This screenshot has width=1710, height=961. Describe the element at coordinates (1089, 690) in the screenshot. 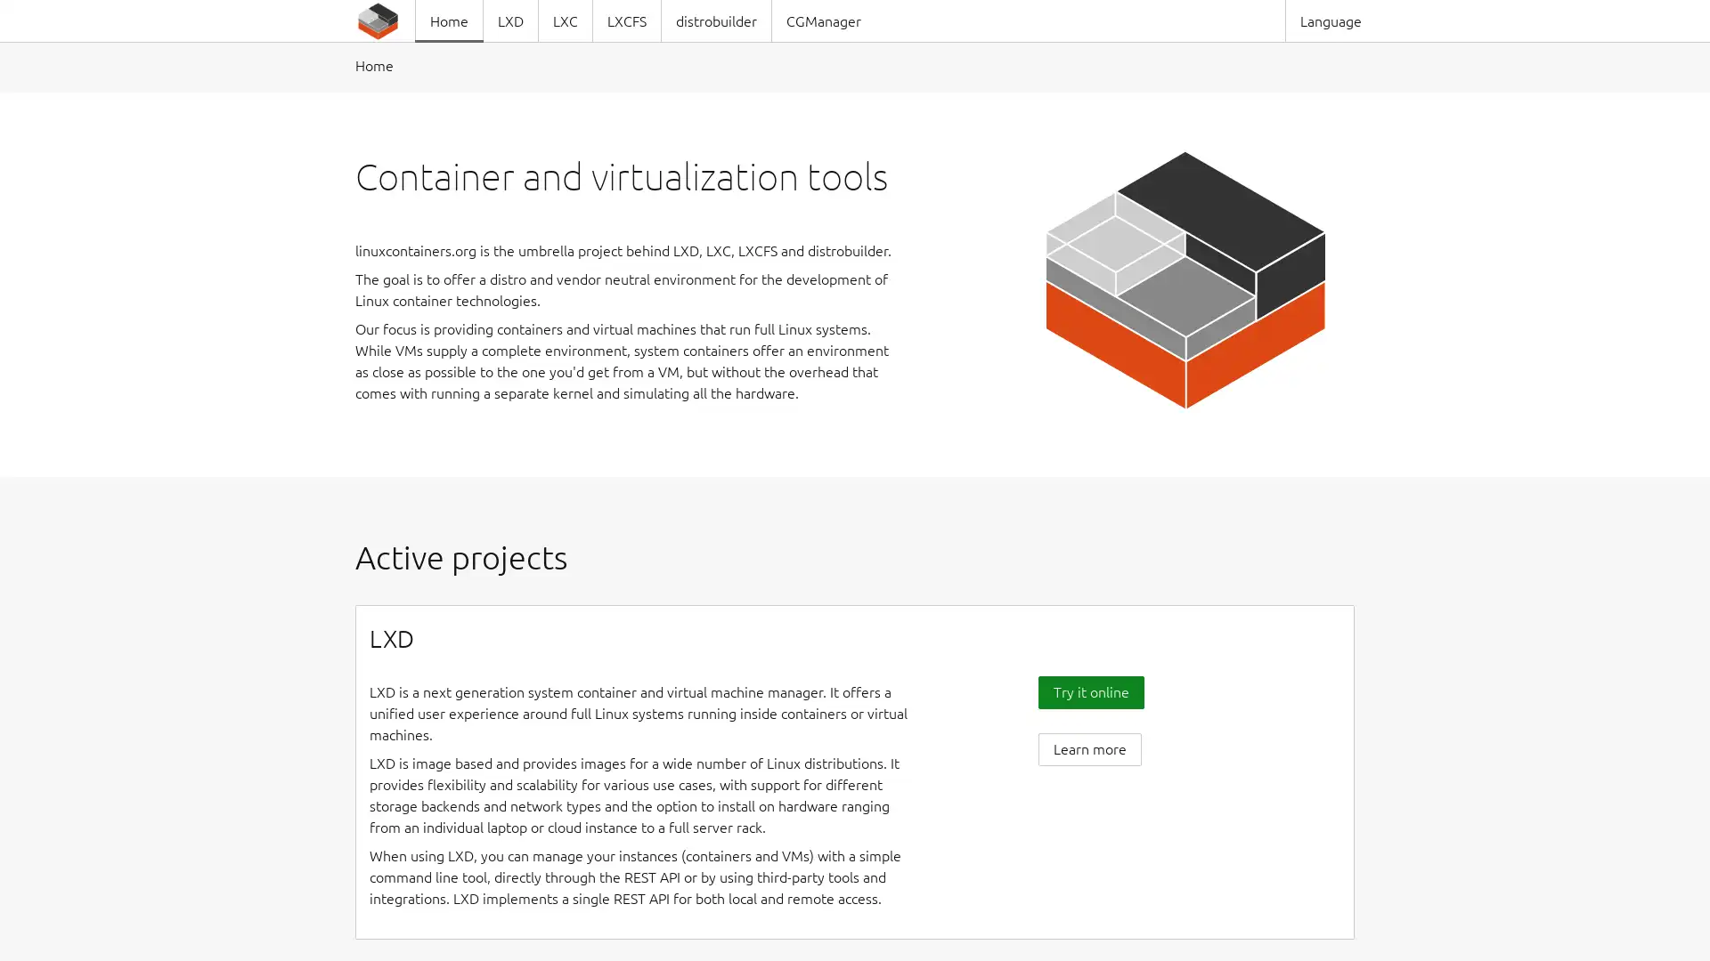

I see `Try it online` at that location.